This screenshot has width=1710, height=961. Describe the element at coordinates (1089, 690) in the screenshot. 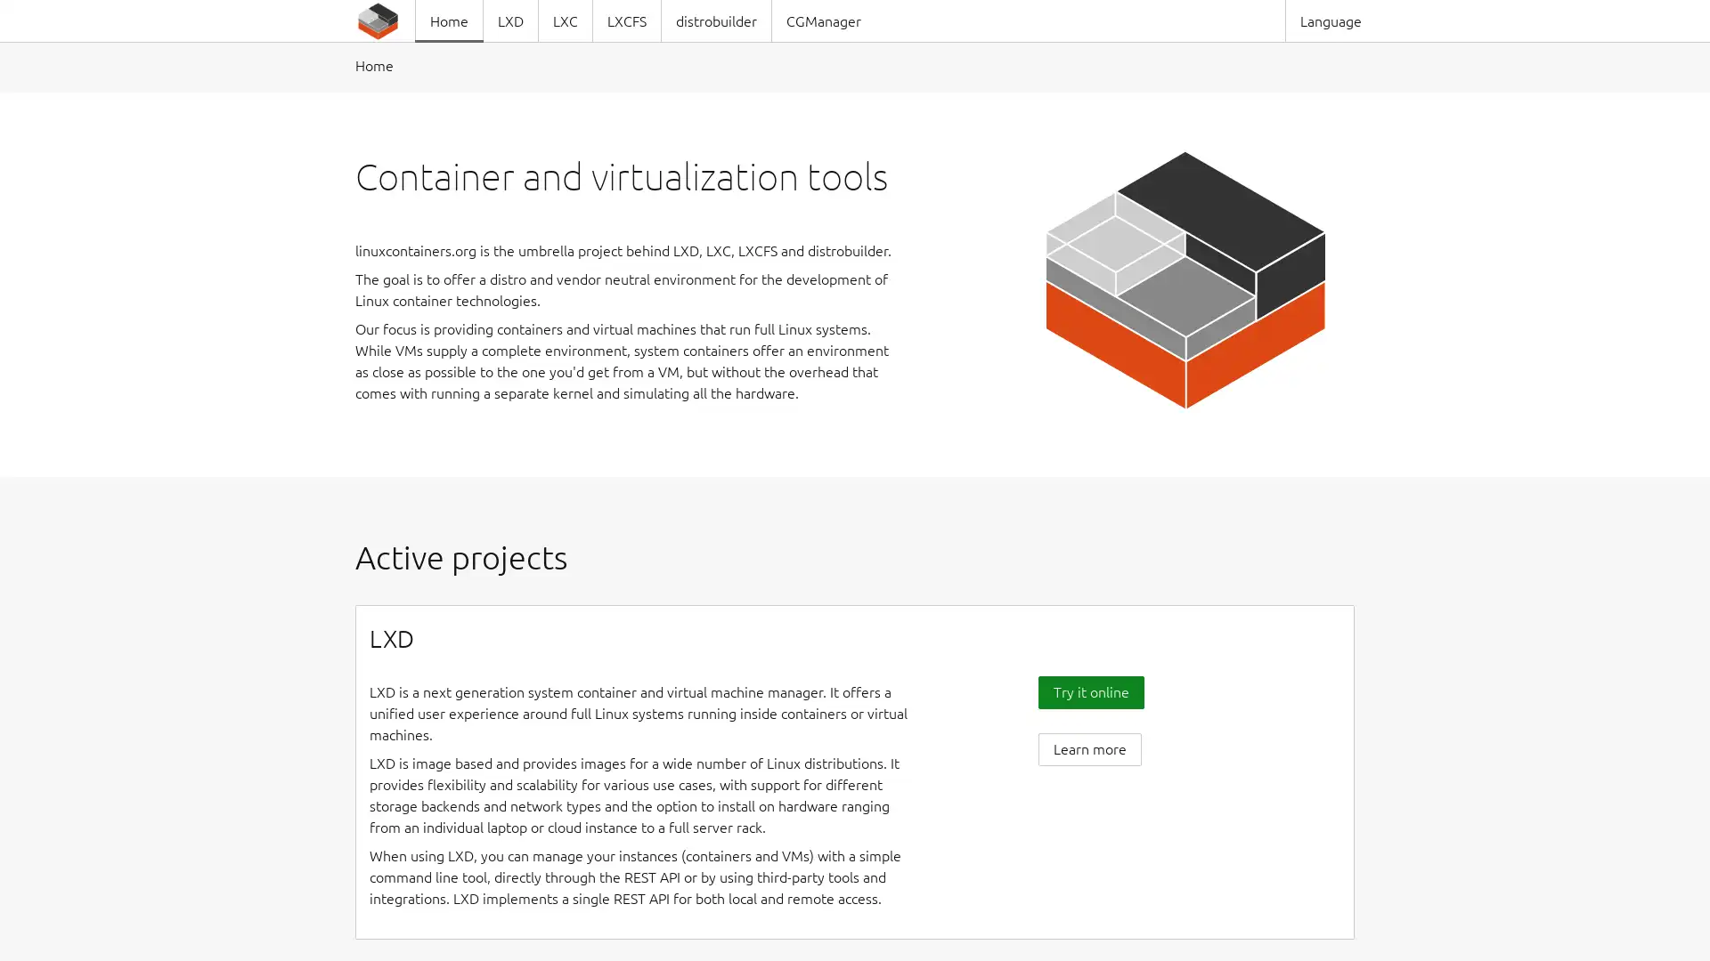

I see `Try it online` at that location.